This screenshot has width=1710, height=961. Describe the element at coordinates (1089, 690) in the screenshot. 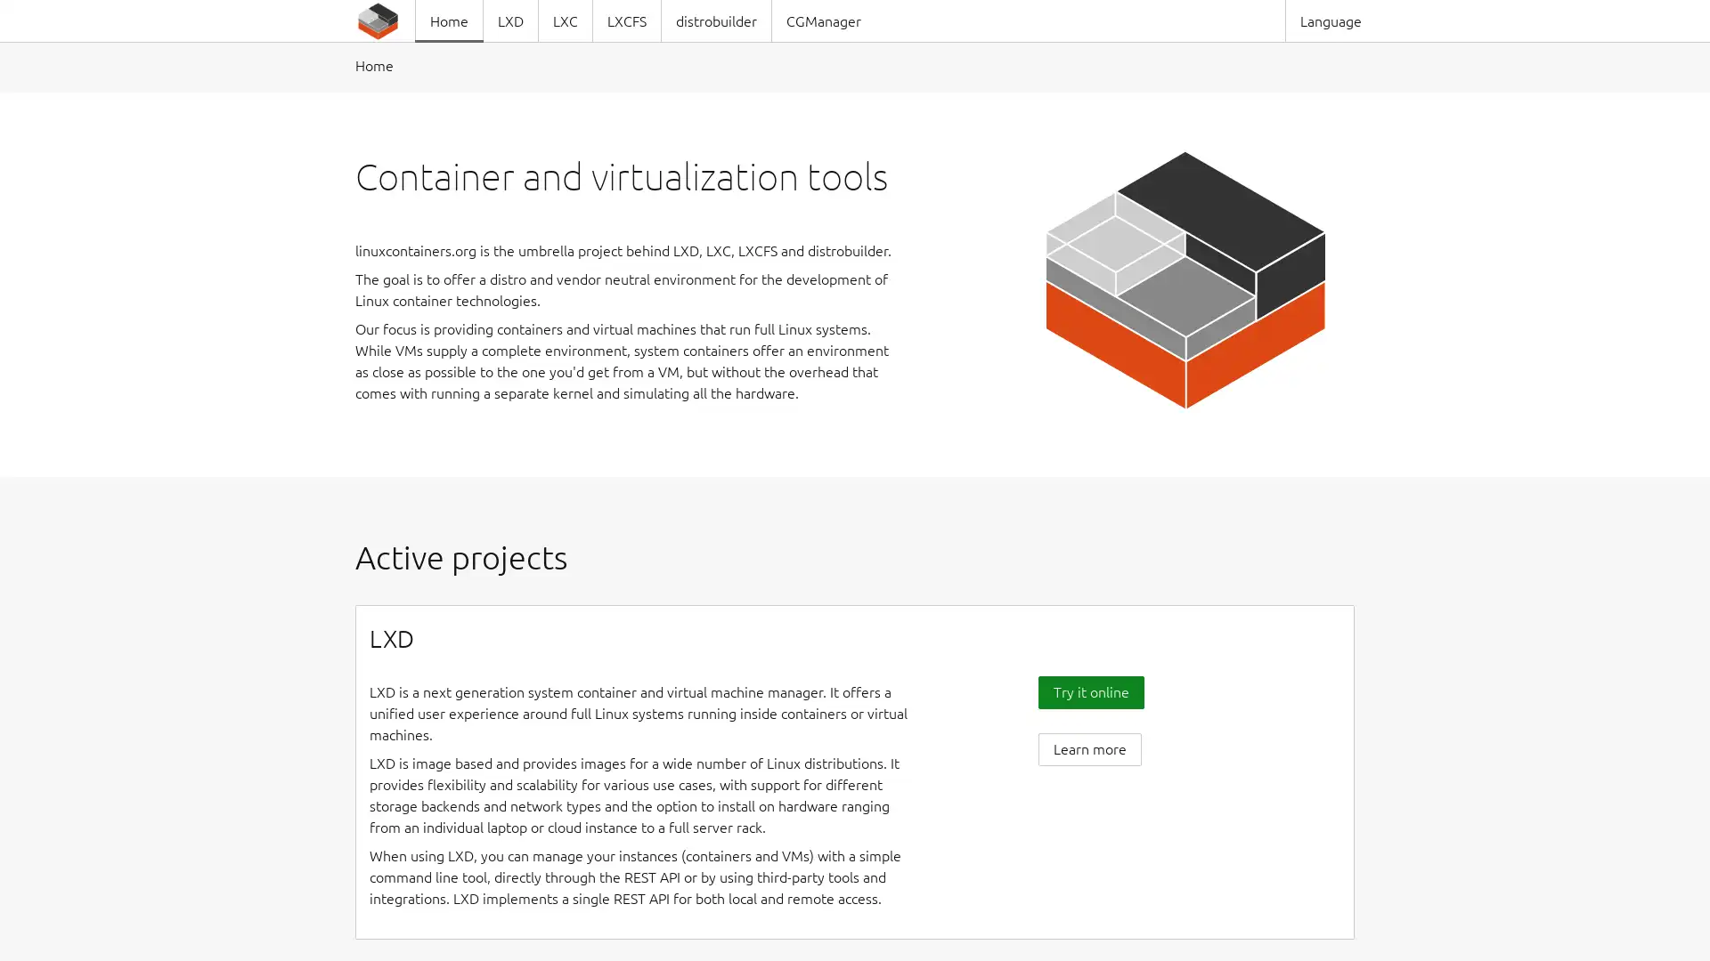

I see `Try it online` at that location.